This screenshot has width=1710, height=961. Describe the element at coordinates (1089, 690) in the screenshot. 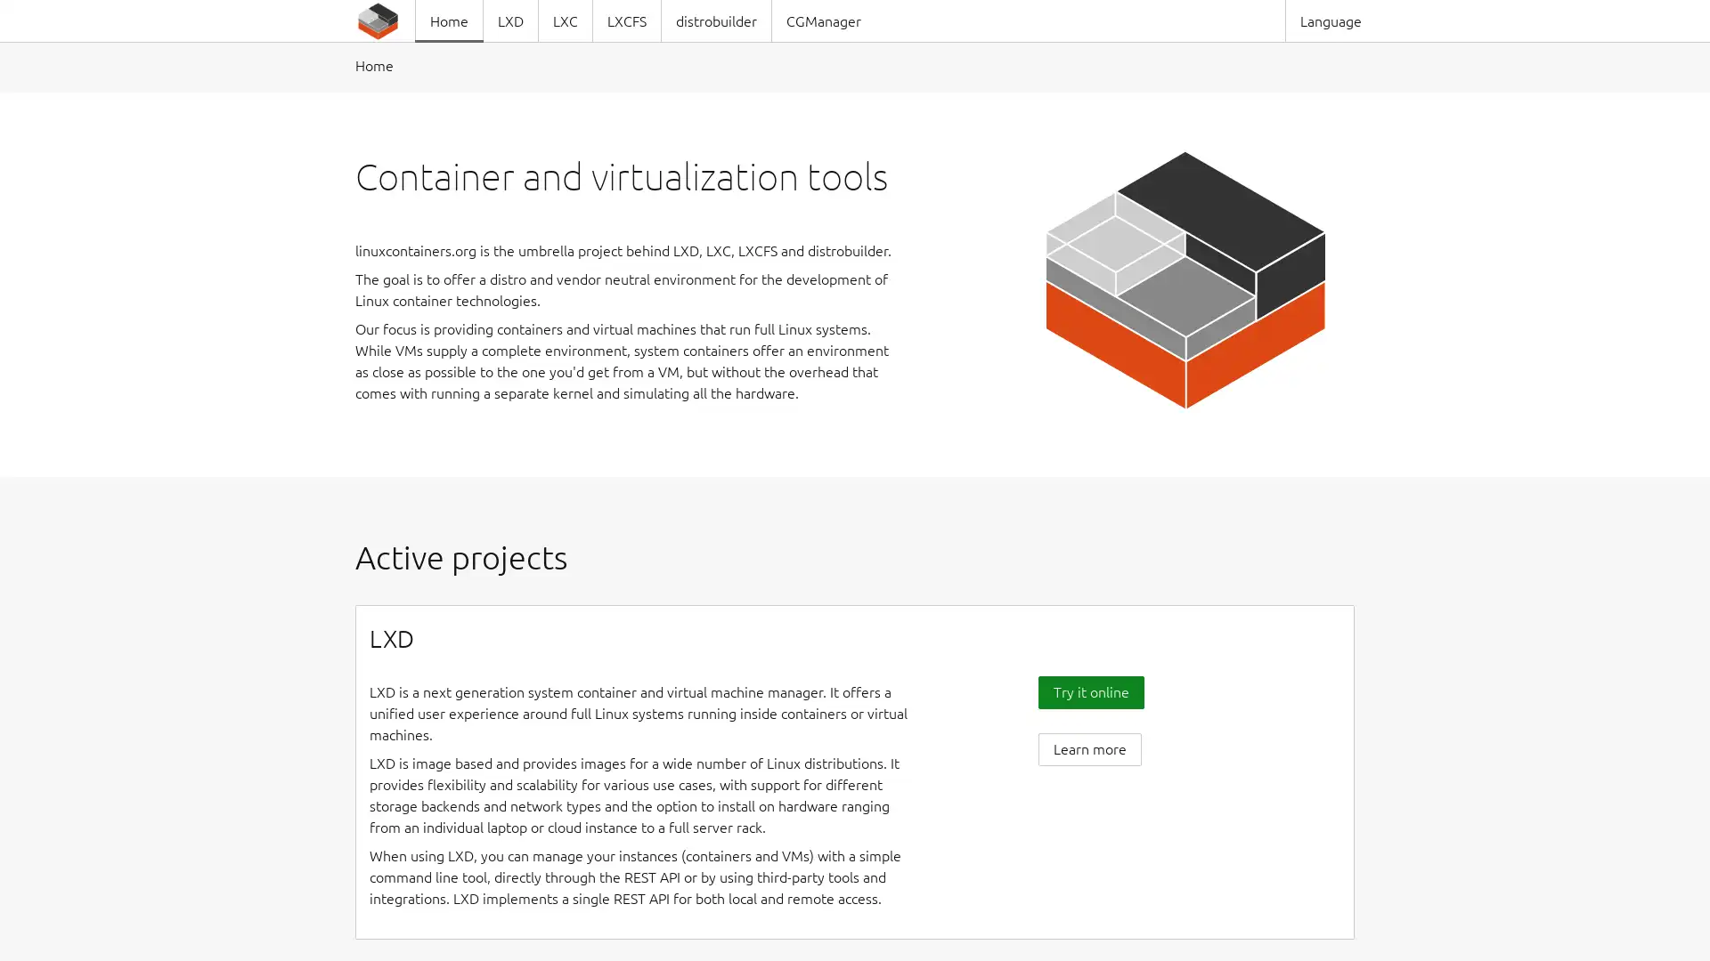

I see `Try it online` at that location.